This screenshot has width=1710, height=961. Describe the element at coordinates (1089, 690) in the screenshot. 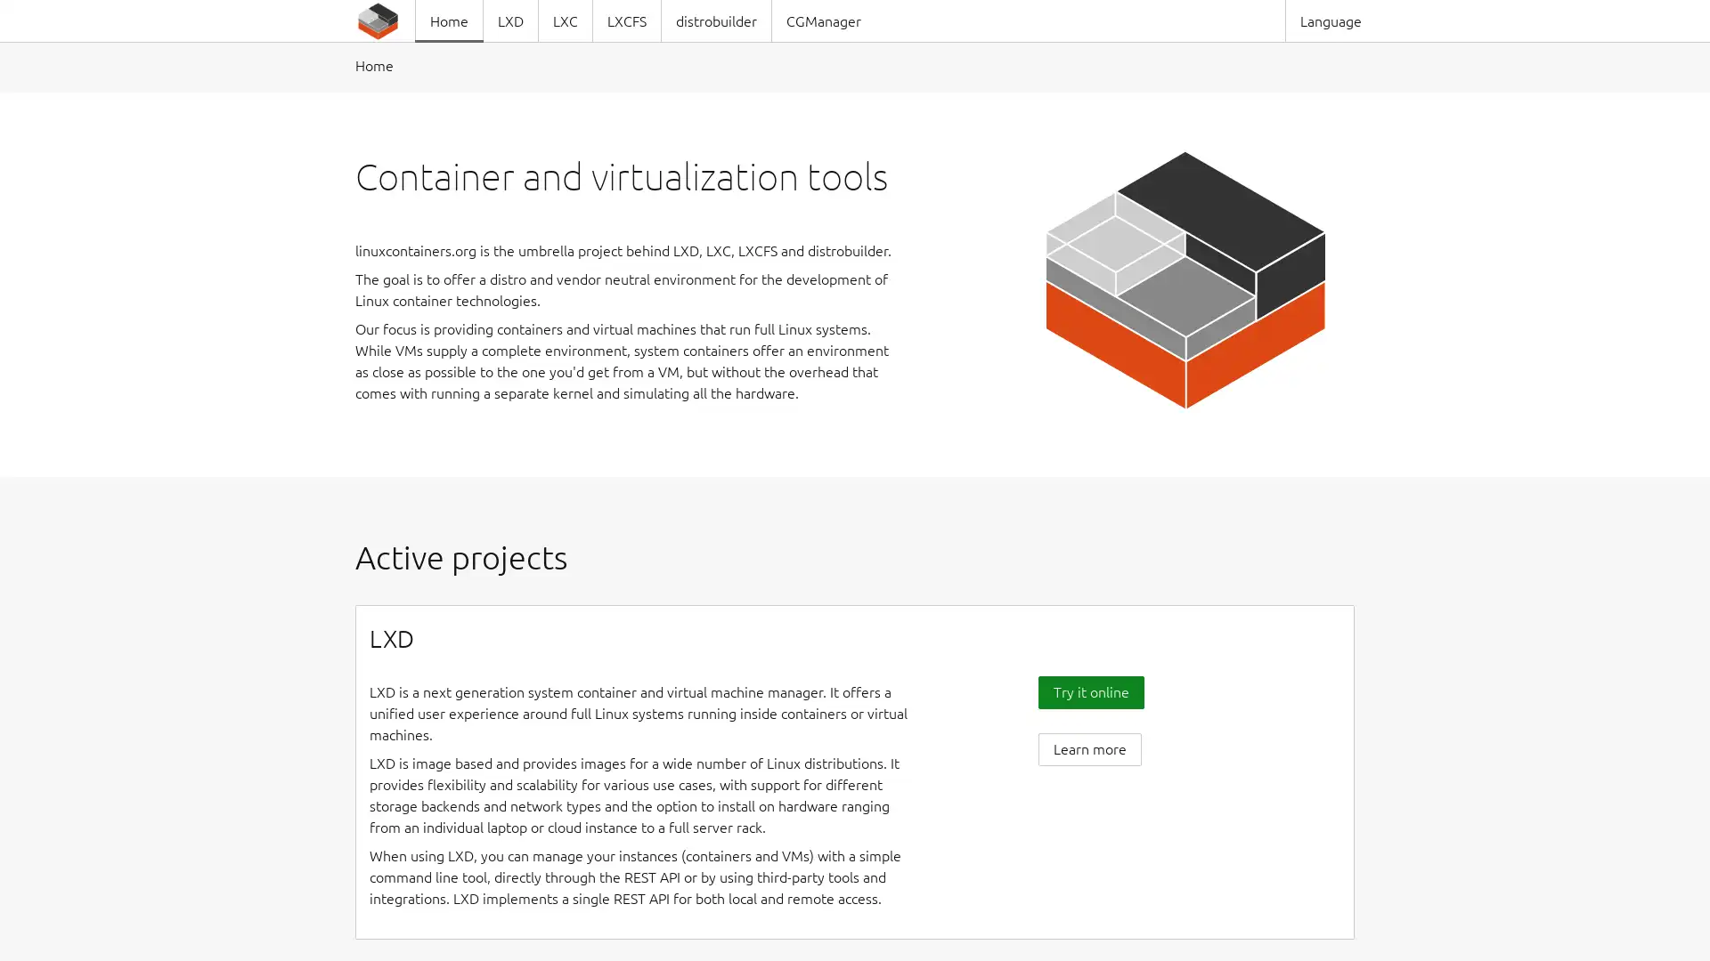

I see `Try it online` at that location.